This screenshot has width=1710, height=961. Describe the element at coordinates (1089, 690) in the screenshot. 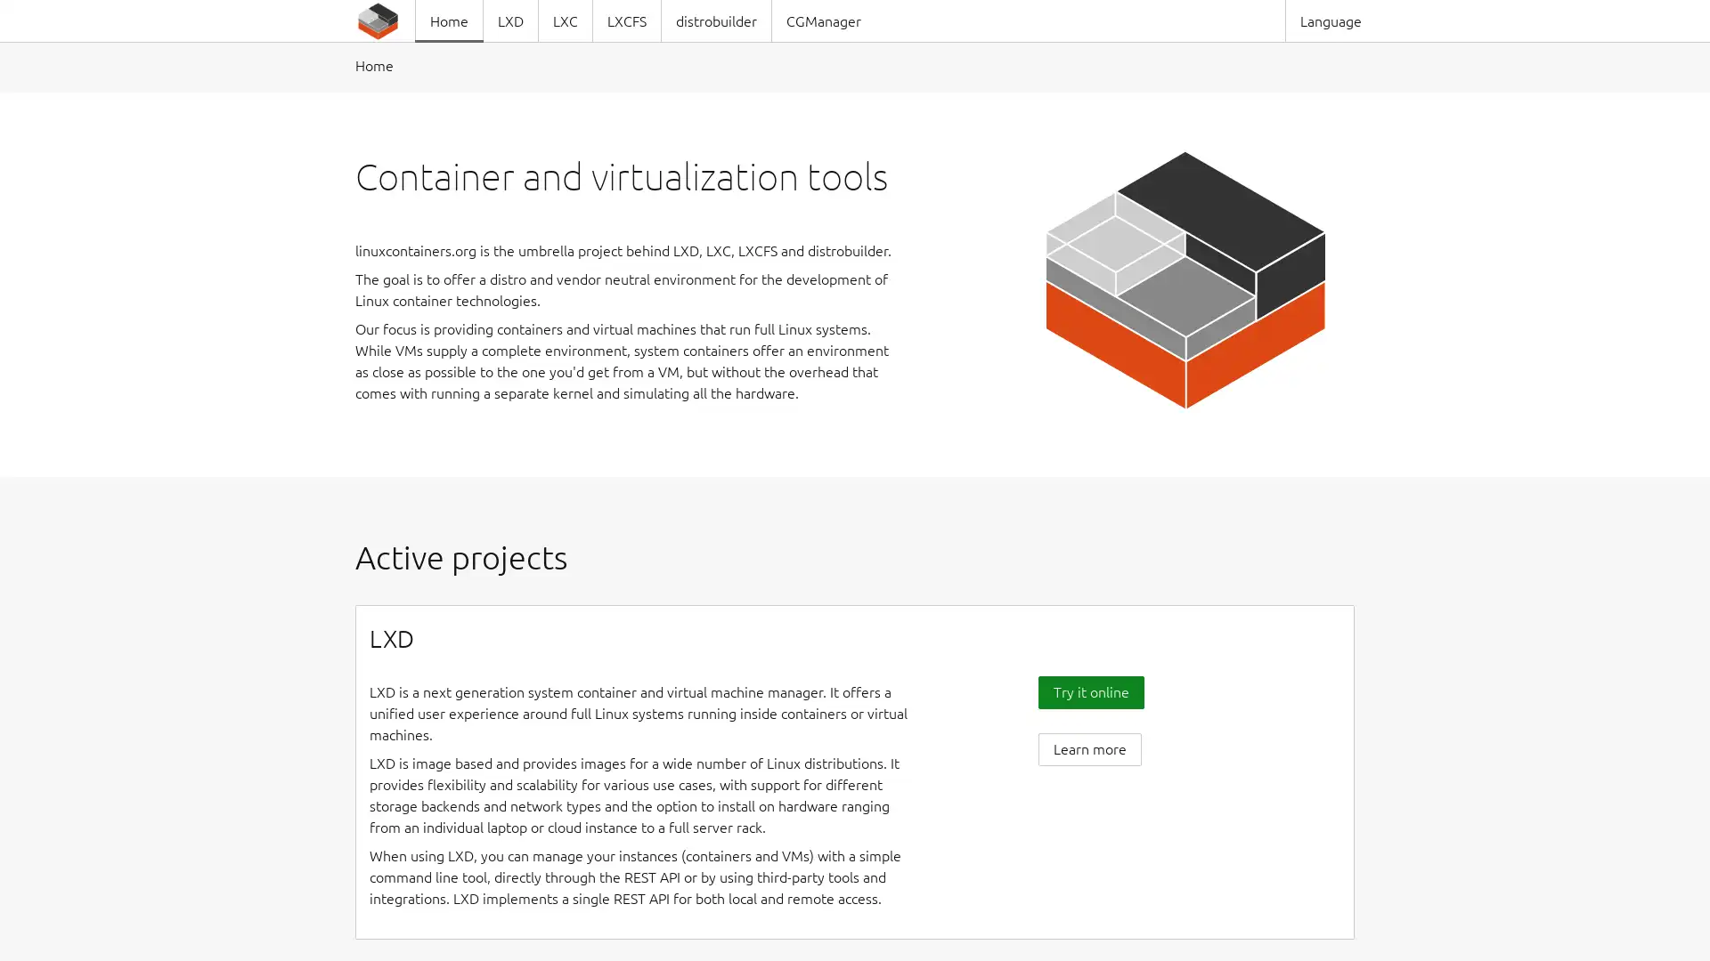

I see `Try it online` at that location.